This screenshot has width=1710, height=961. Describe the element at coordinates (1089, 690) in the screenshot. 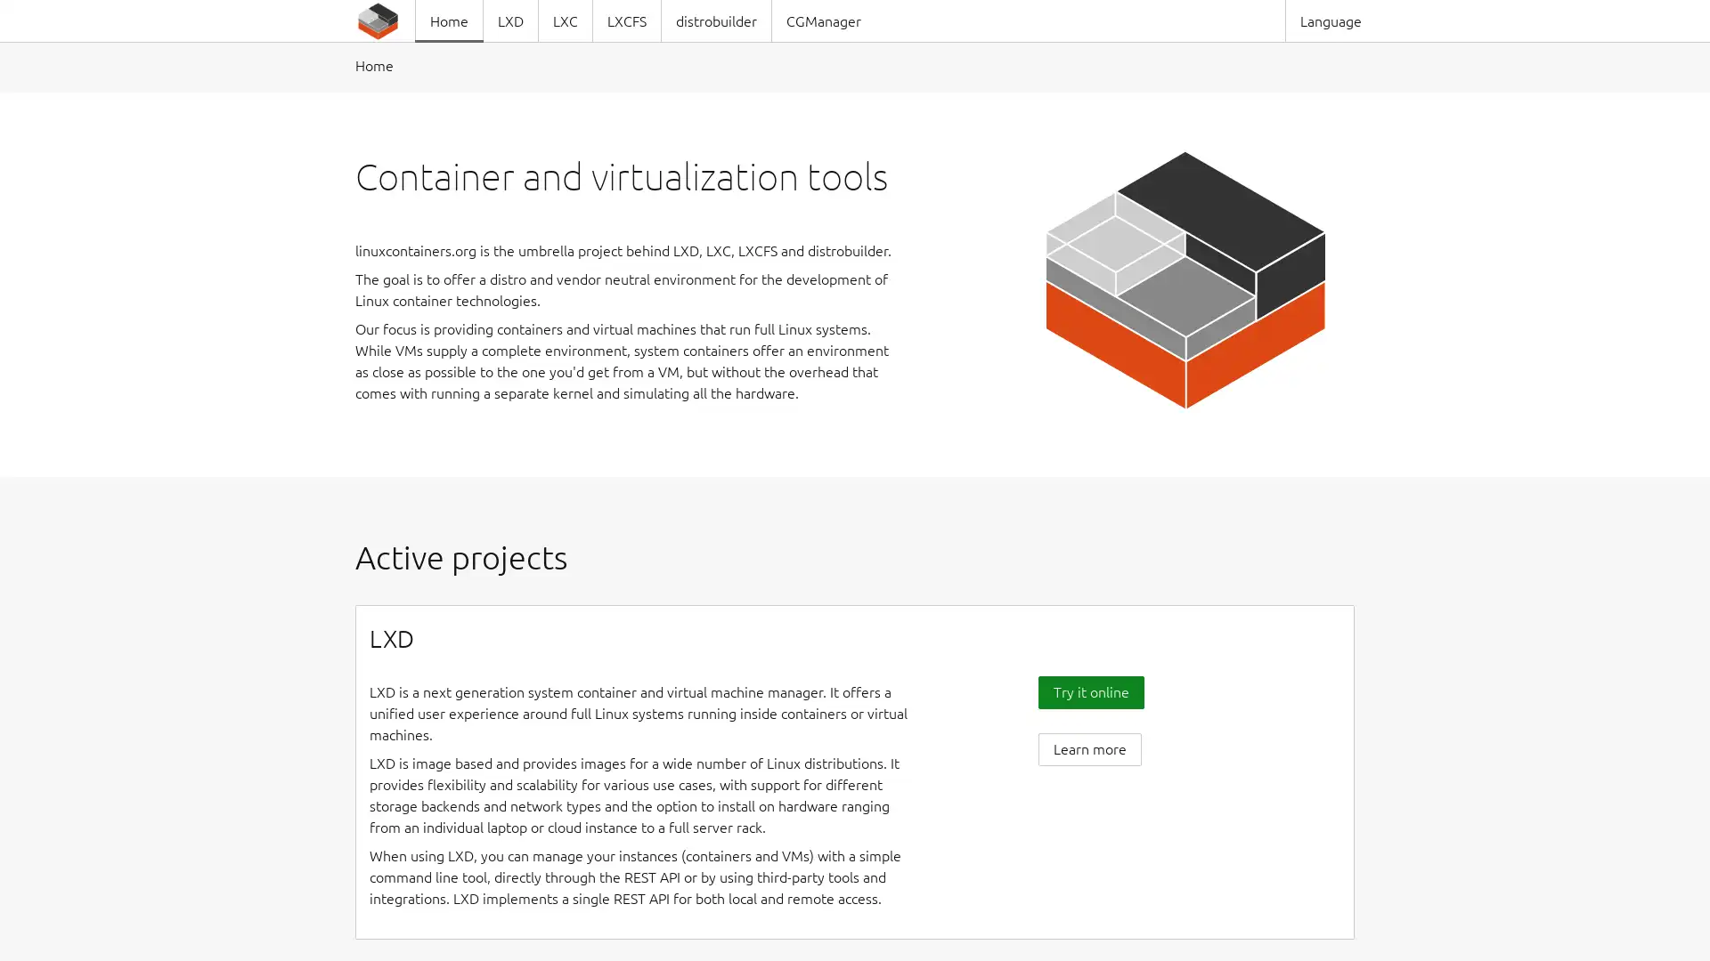

I see `Try it online` at that location.